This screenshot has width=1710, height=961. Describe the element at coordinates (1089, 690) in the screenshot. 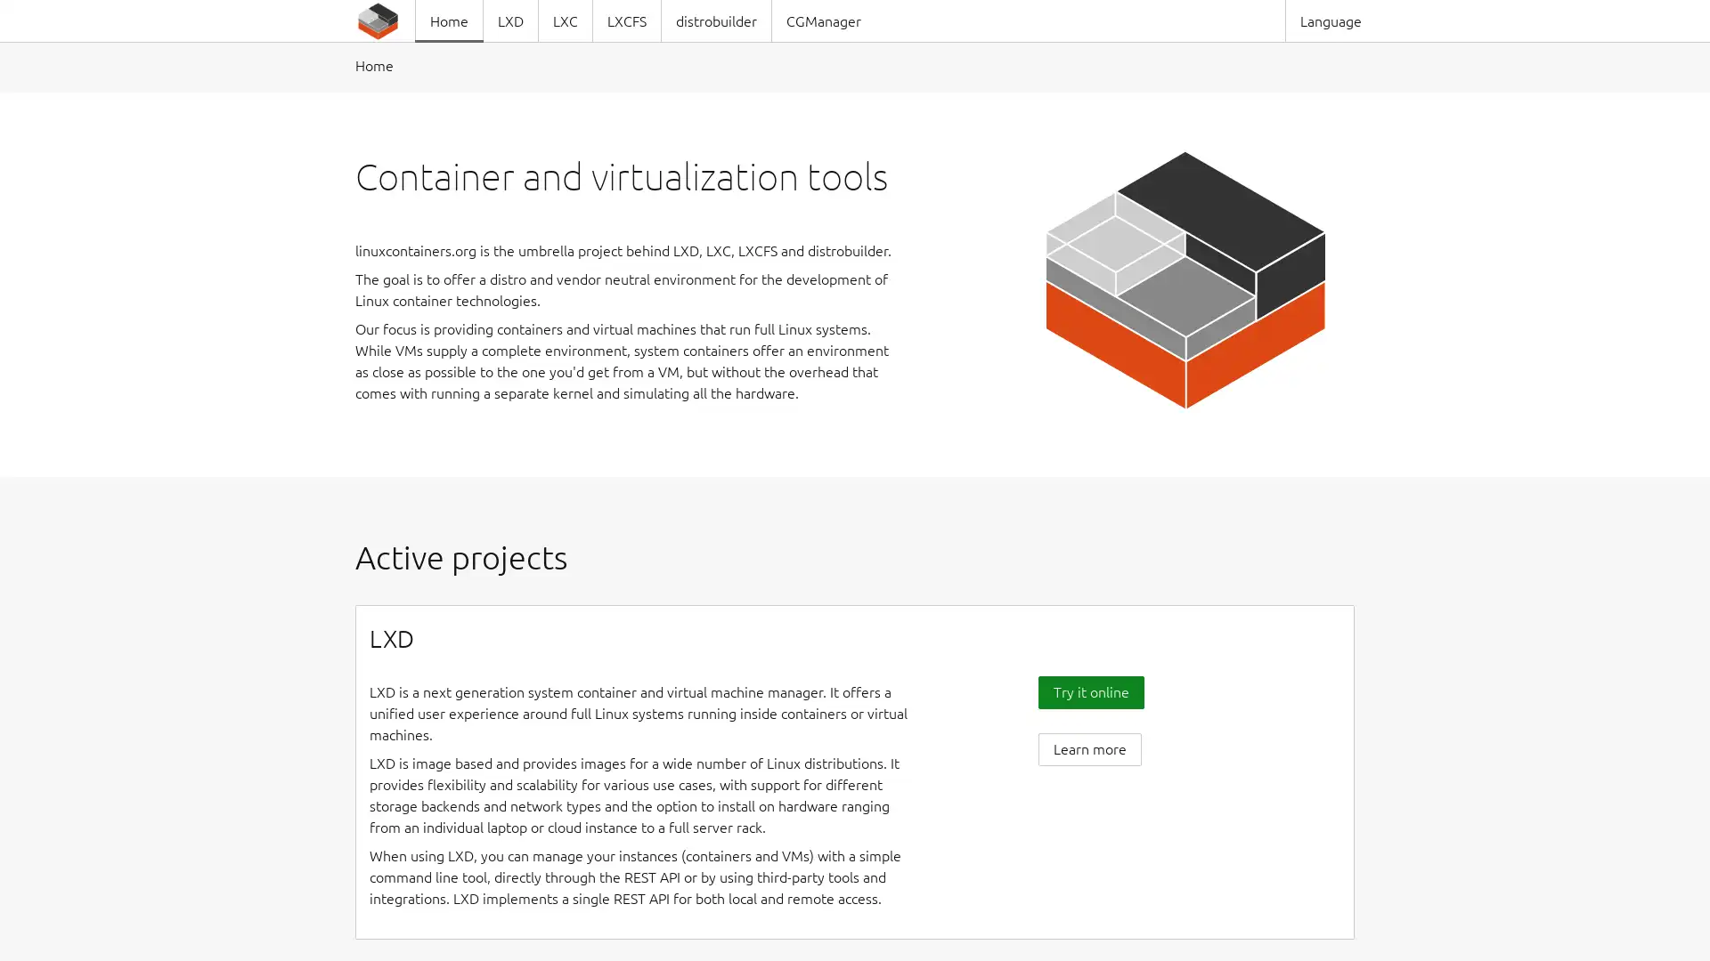

I see `Try it online` at that location.